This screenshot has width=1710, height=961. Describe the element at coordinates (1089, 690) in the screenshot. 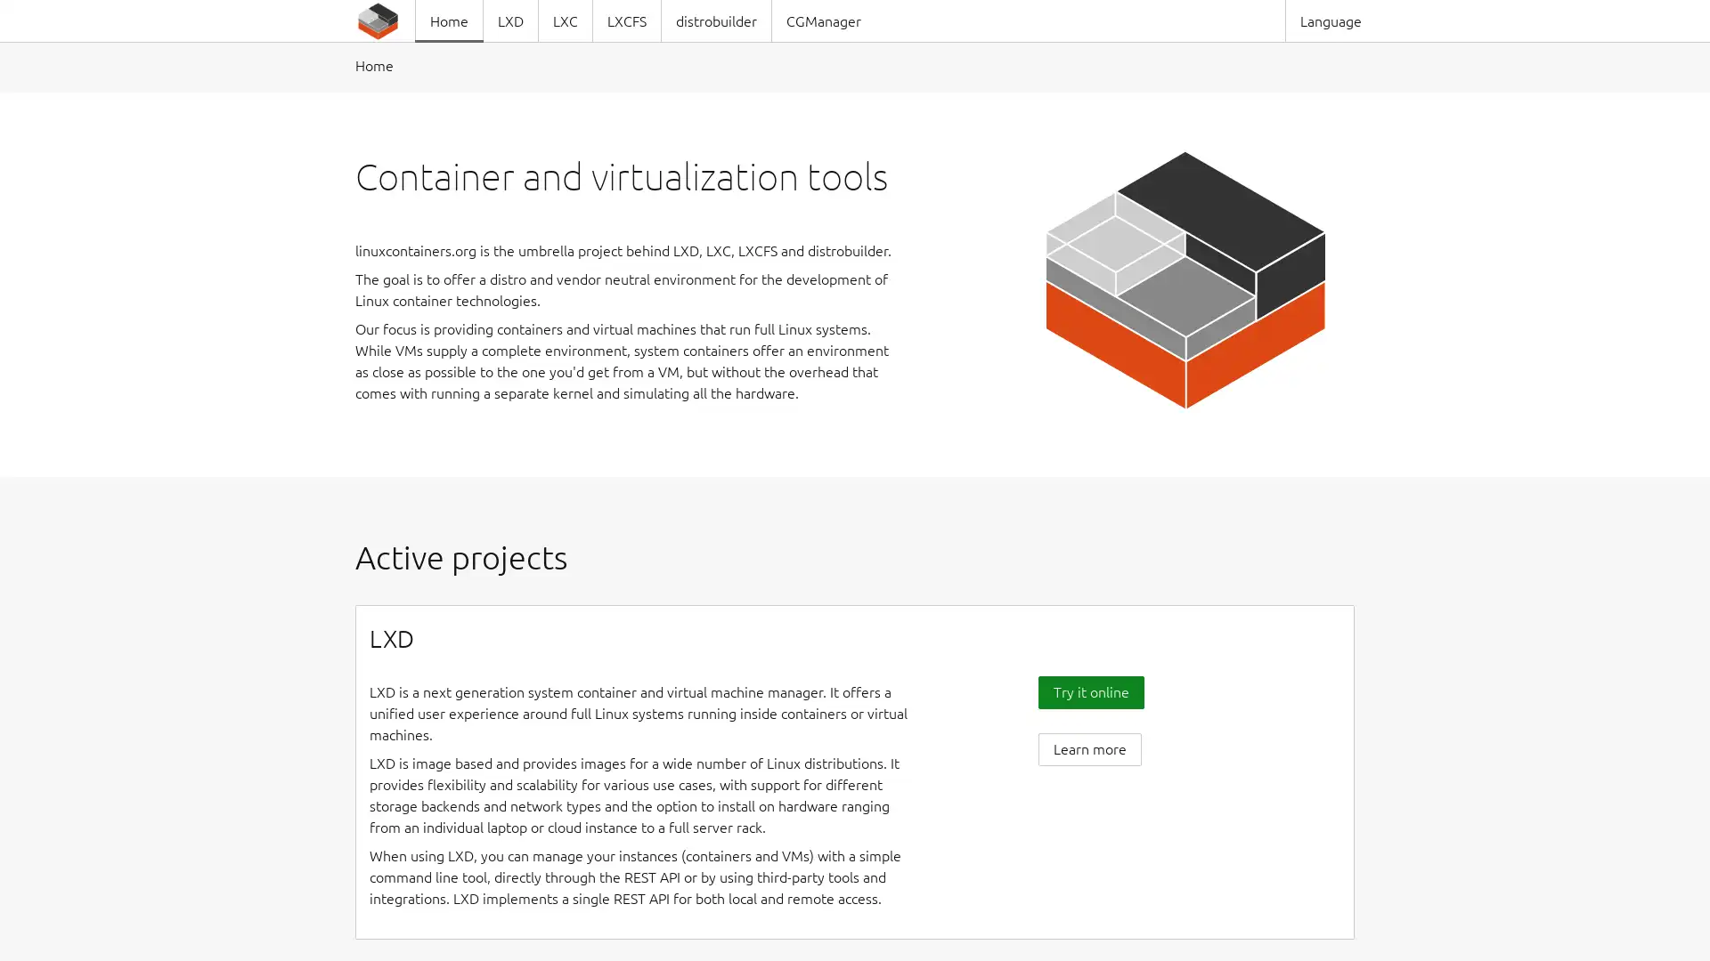

I see `Try it online` at that location.